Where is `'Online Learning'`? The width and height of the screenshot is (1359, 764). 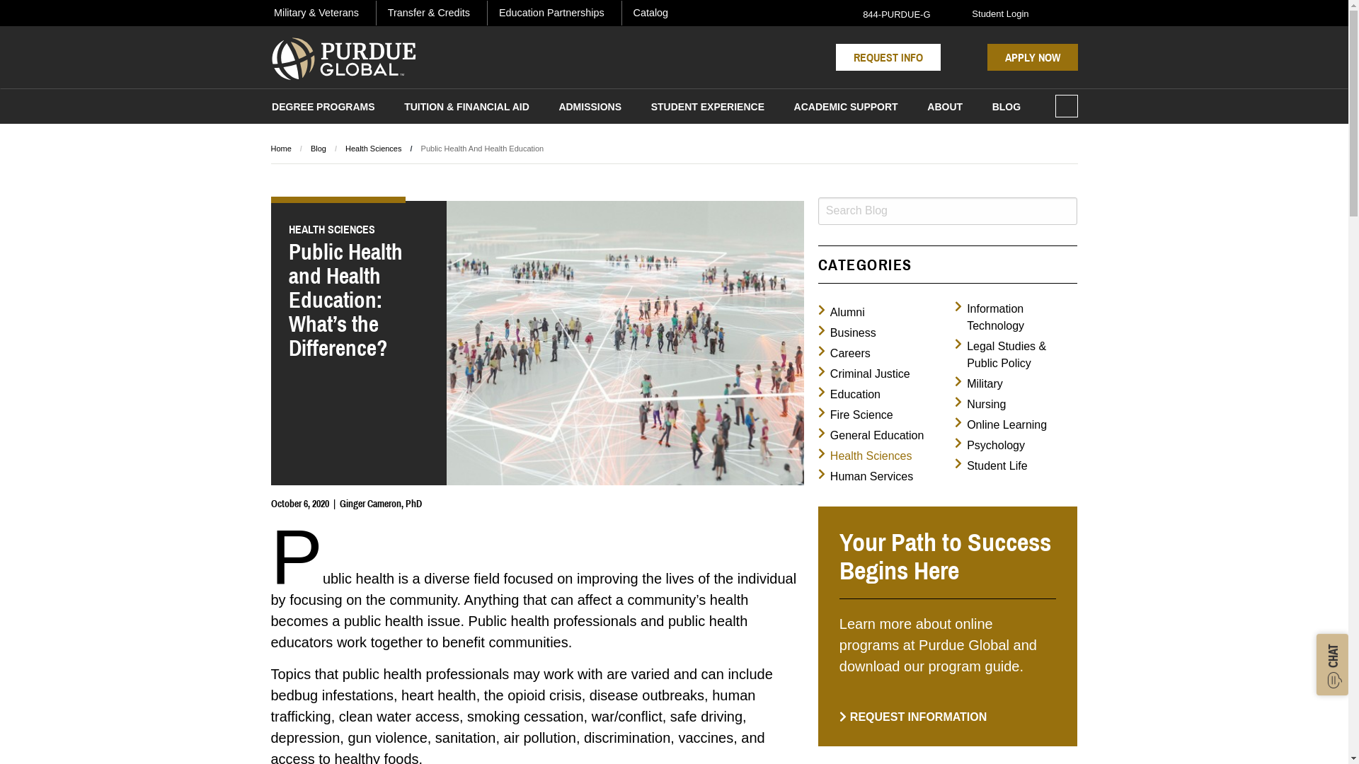 'Online Learning' is located at coordinates (954, 424).